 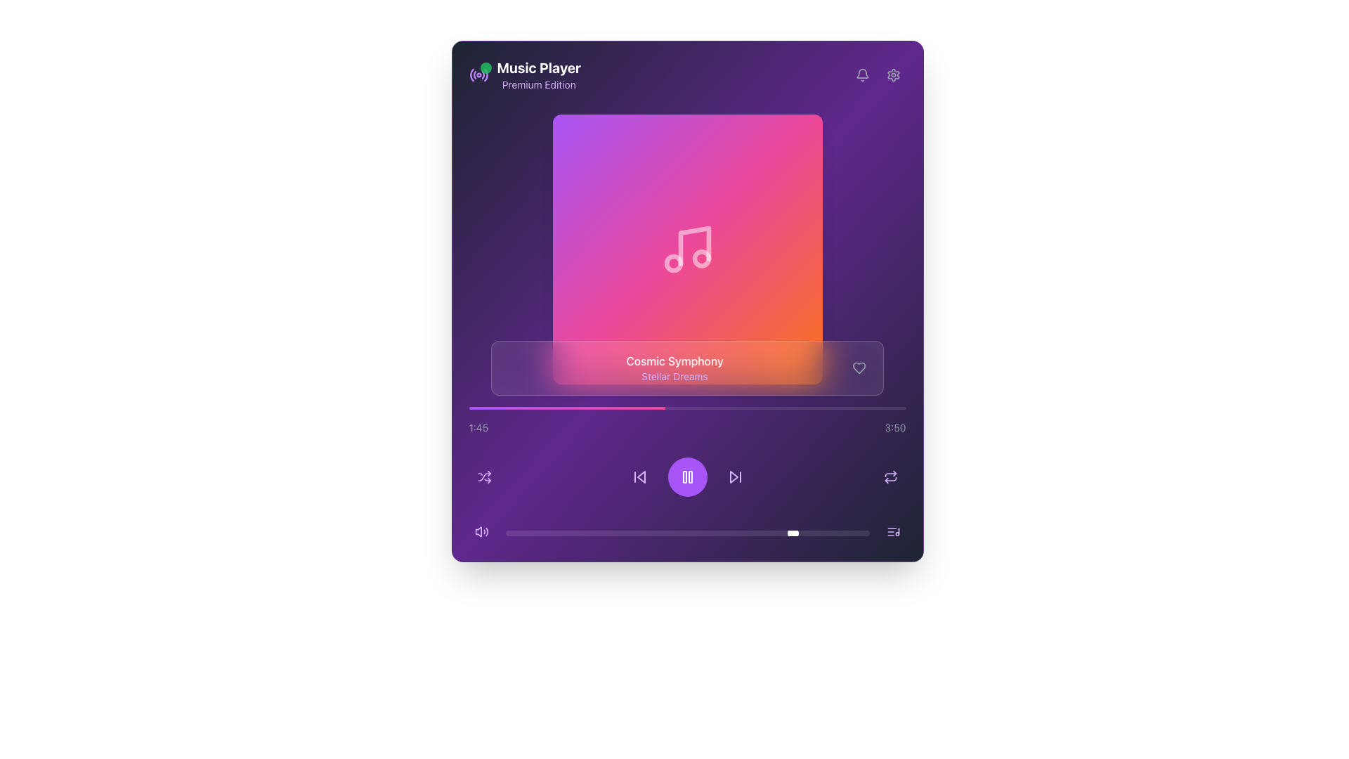 I want to click on the slider, so click(x=658, y=533).